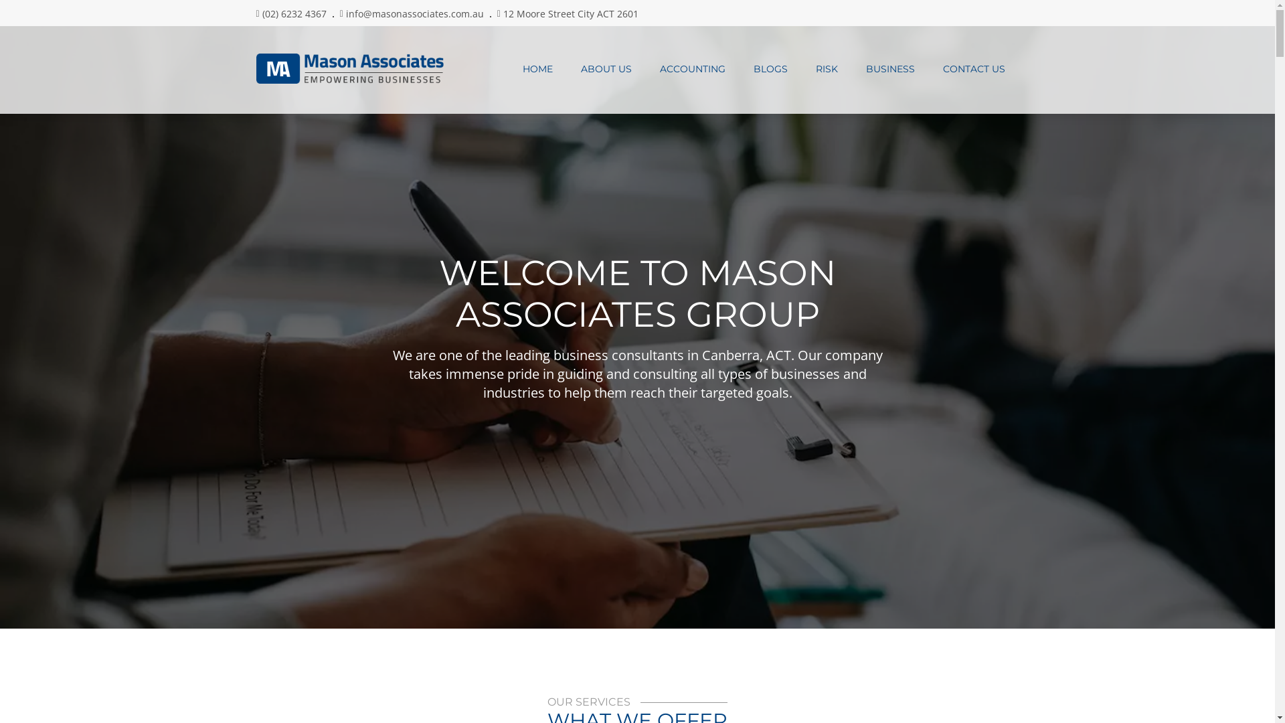  I want to click on 'RISK', so click(802, 69).